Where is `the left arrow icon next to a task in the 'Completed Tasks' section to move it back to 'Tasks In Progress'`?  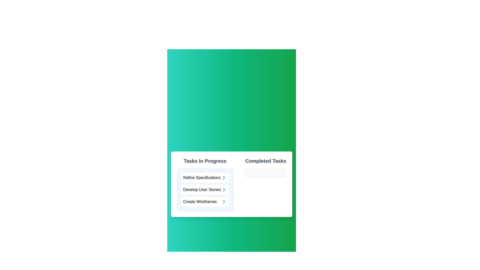 the left arrow icon next to a task in the 'Completed Tasks' section to move it back to 'Tasks In Progress' is located at coordinates (265, 172).